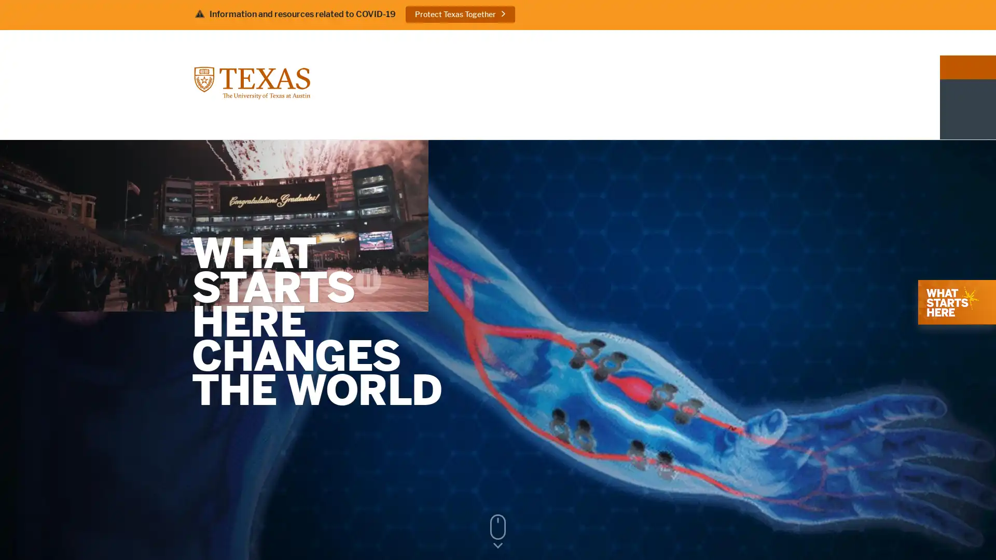  Describe the element at coordinates (963, 474) in the screenshot. I see `Pause button Pause button` at that location.